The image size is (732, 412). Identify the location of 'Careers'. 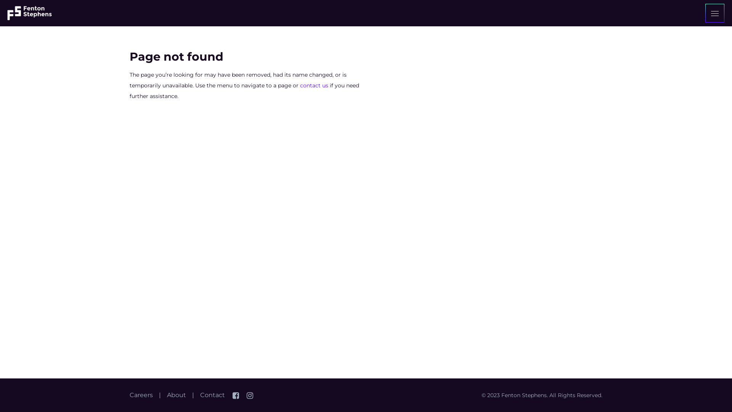
(141, 395).